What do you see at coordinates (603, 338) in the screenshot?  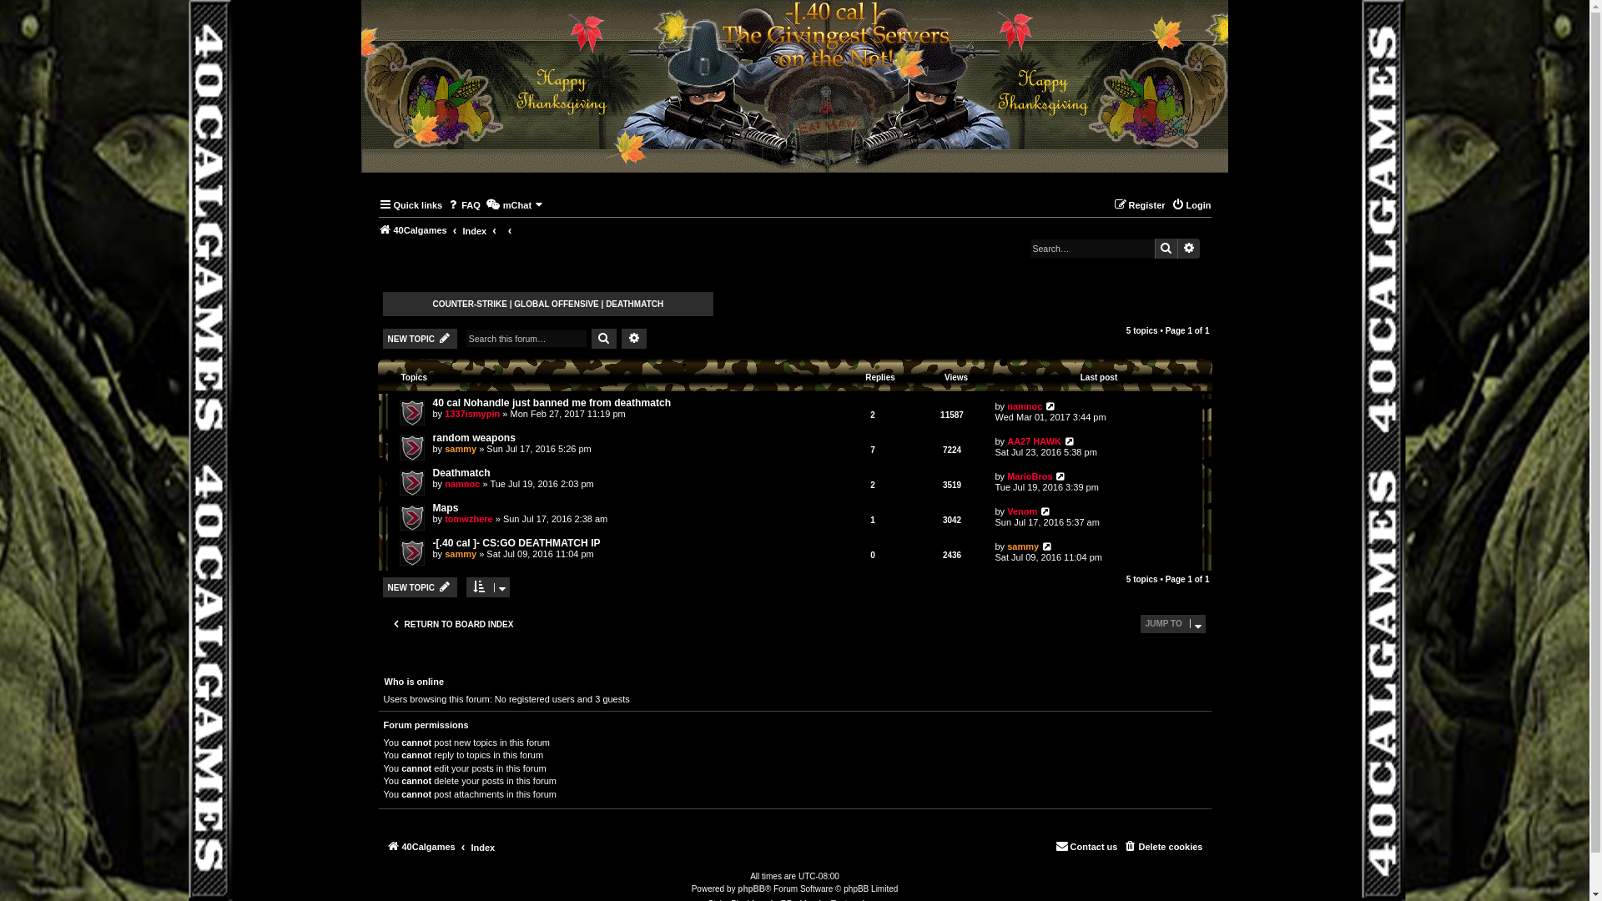 I see `'SEARCH'` at bounding box center [603, 338].